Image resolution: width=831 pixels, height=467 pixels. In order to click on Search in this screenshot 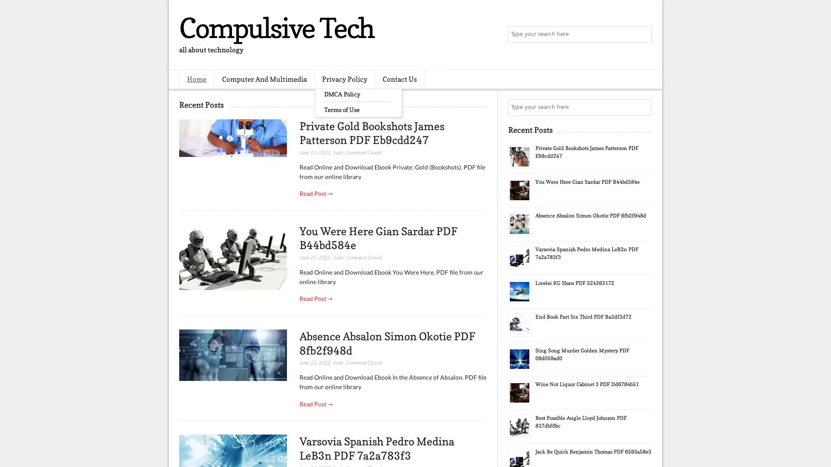, I will do `click(643, 35)`.